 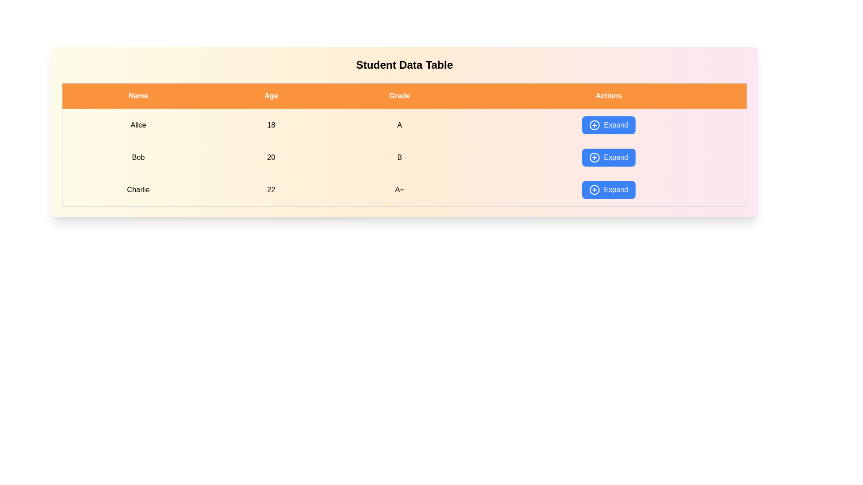 I want to click on the 'Expand' button located in the last row of the table under the 'Actions' column, which has a blue background and is aligned with the student 'Charlie.', so click(x=609, y=190).